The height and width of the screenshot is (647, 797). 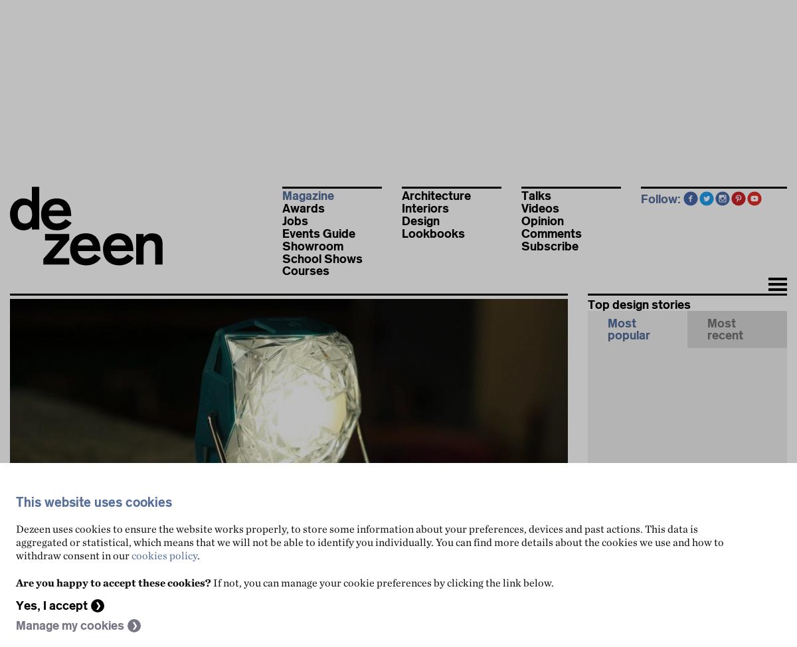 I want to click on '32°N adaptive focus sunglasses switch from distance to reading mode', so click(x=689, y=614).